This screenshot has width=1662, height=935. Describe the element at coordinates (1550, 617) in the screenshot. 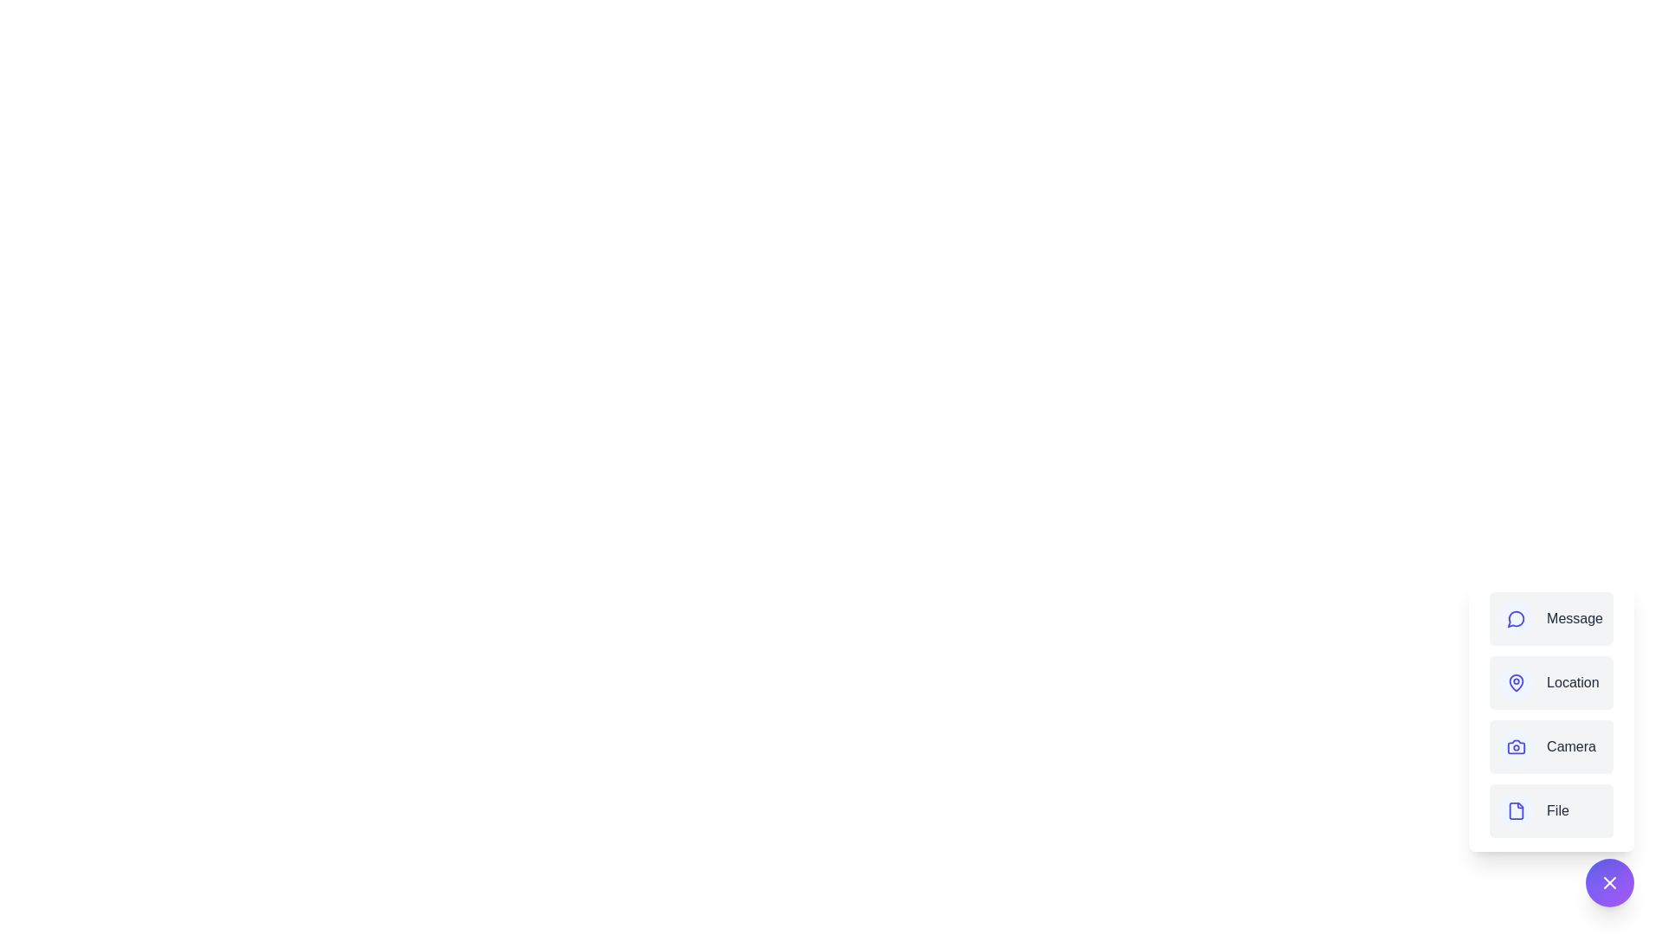

I see `the Message option from the menu` at that location.